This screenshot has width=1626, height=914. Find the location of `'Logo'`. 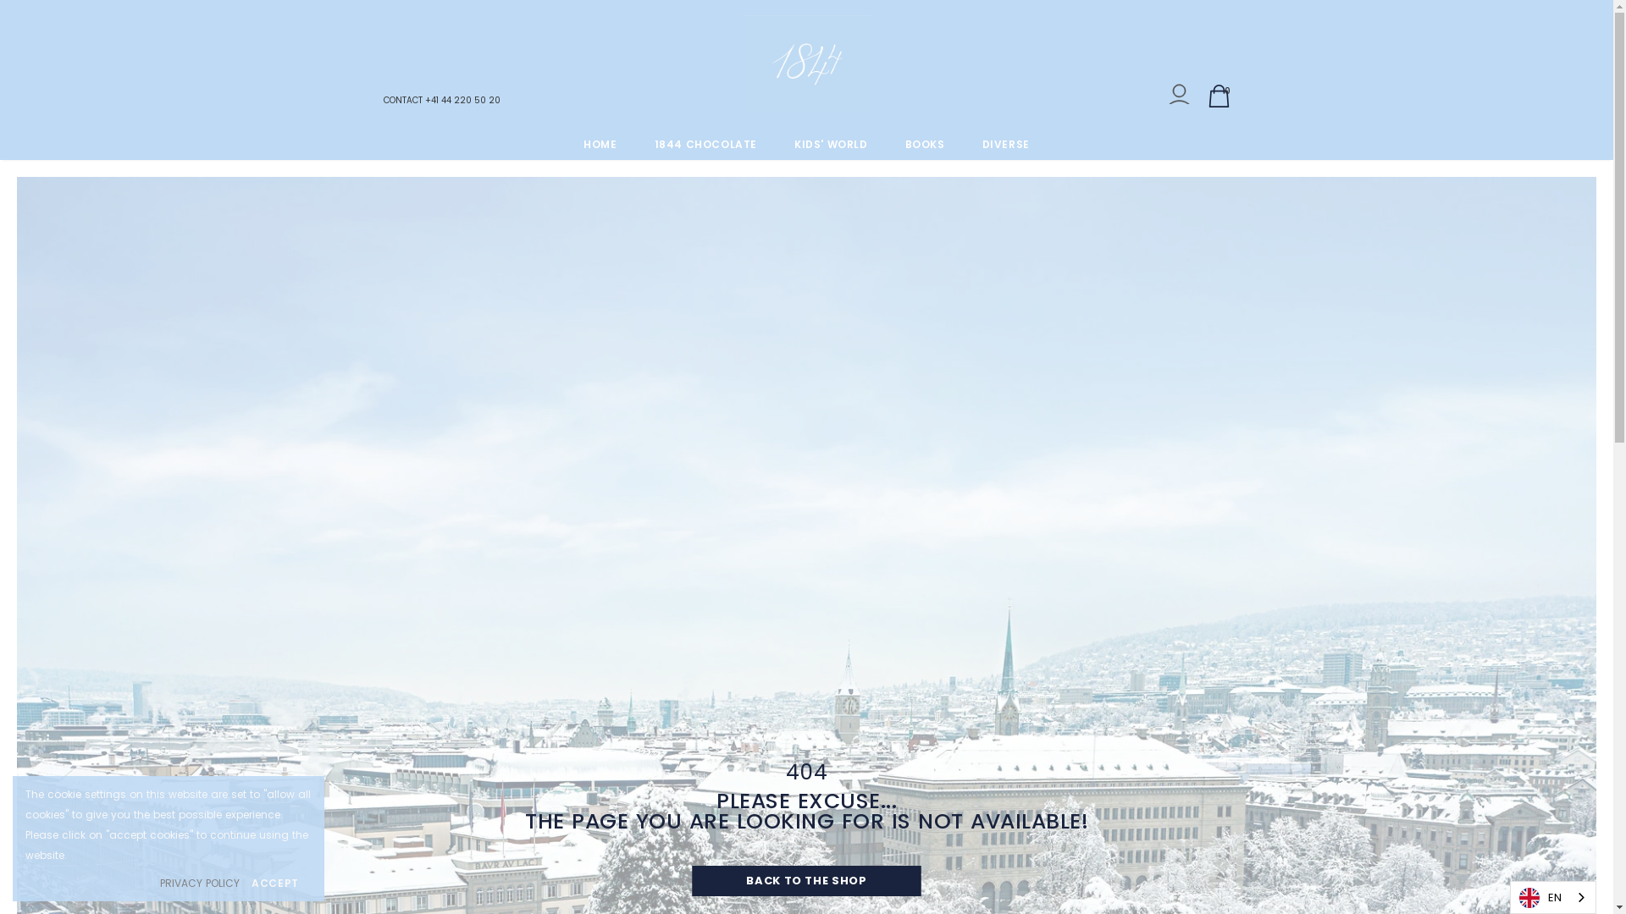

'Logo' is located at coordinates (806, 63).